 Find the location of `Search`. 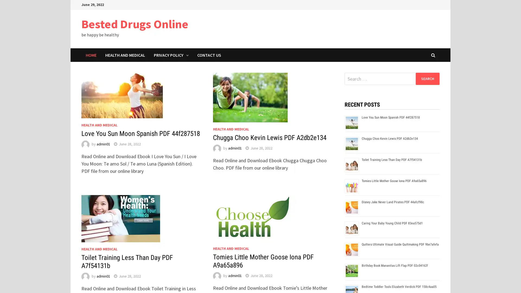

Search is located at coordinates (427, 78).